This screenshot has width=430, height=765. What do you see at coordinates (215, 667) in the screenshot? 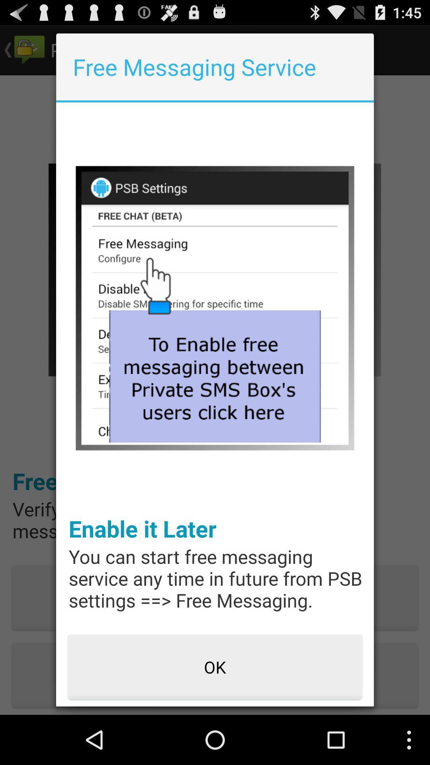
I see `ok item` at bounding box center [215, 667].